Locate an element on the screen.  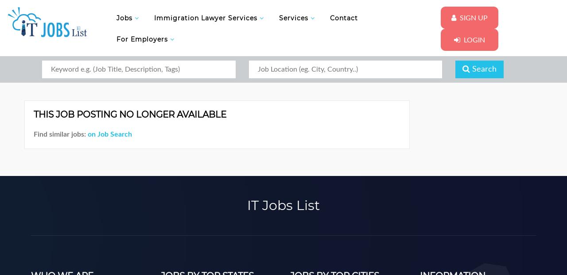
'GREEN CARD PROCESS' is located at coordinates (199, 148).